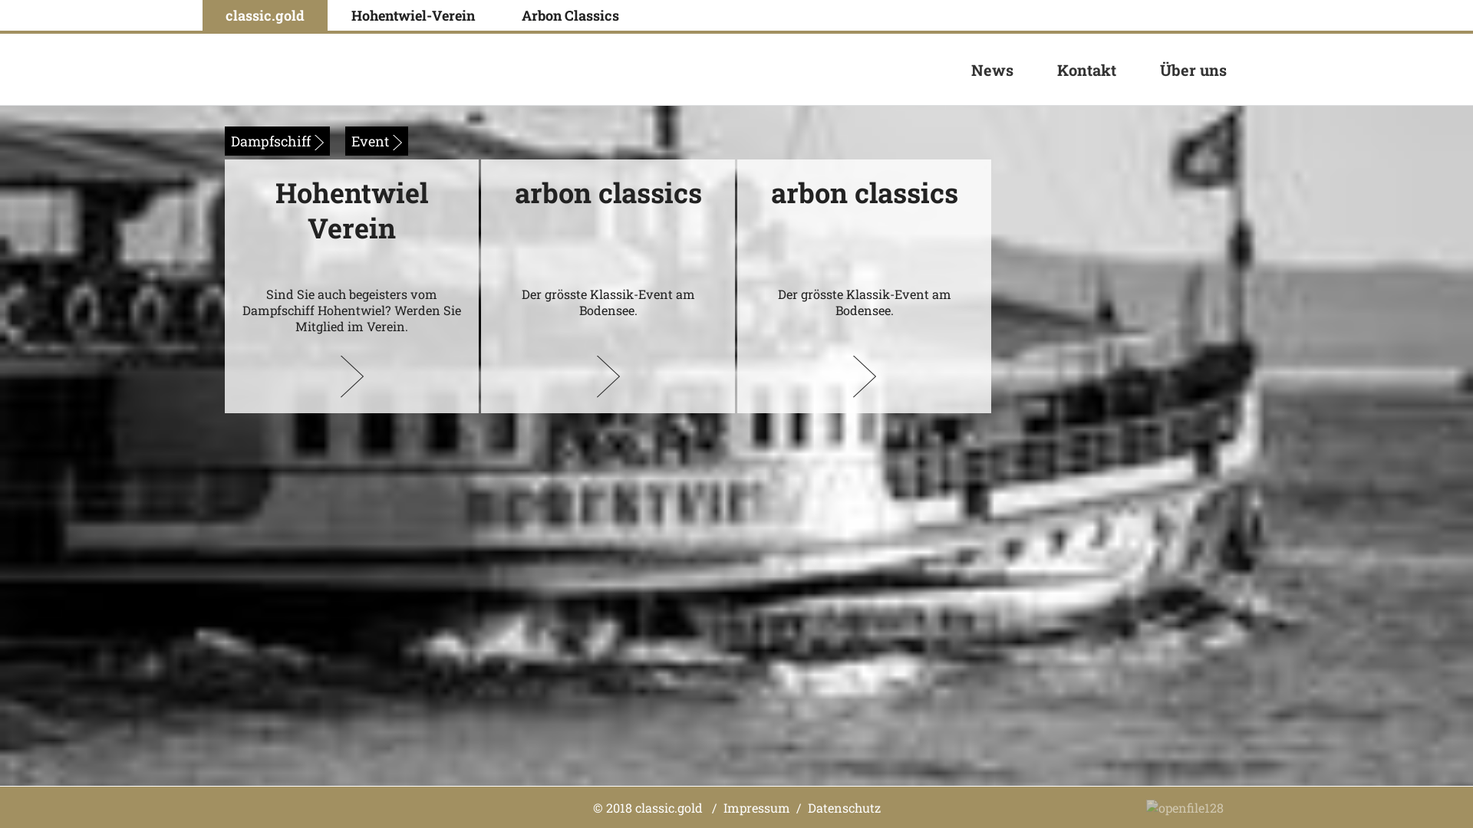 This screenshot has width=1473, height=828. Describe the element at coordinates (265, 15) in the screenshot. I see `'classic.gold'` at that location.